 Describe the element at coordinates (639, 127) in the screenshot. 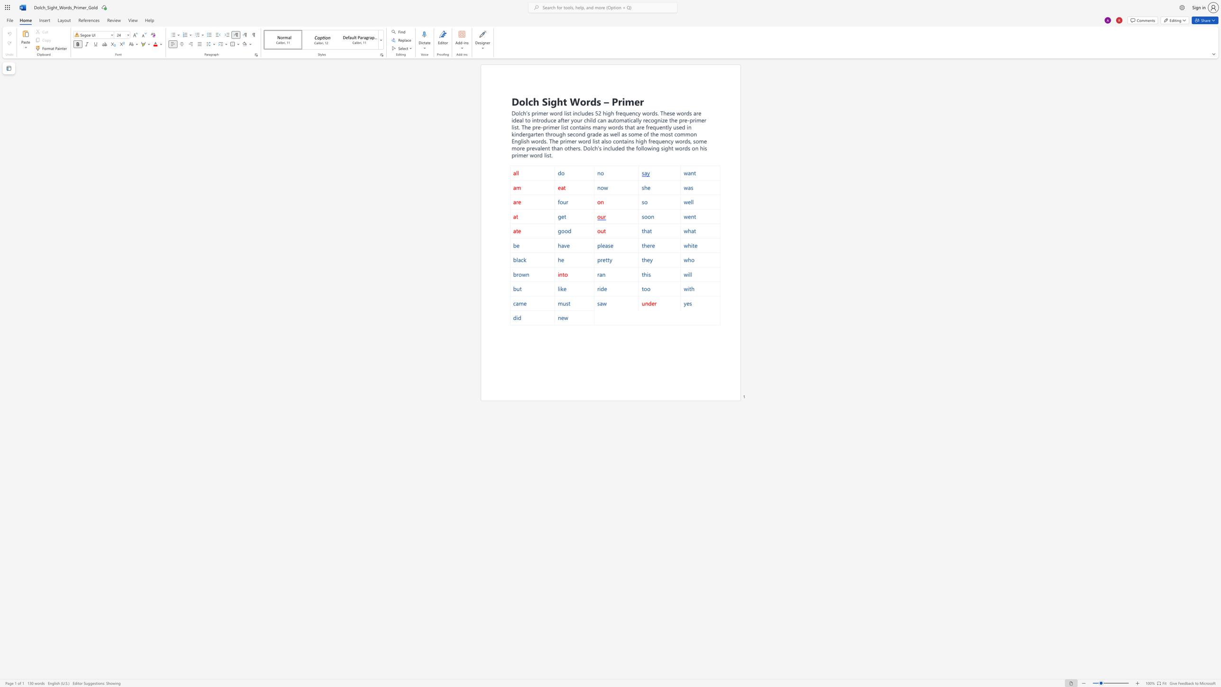

I see `the subset text "re" within the text "many words that are"` at that location.